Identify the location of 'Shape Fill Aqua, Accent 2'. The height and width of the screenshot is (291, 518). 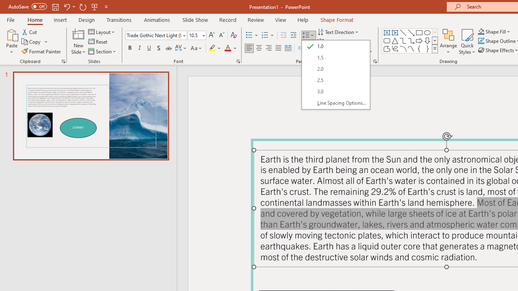
(481, 31).